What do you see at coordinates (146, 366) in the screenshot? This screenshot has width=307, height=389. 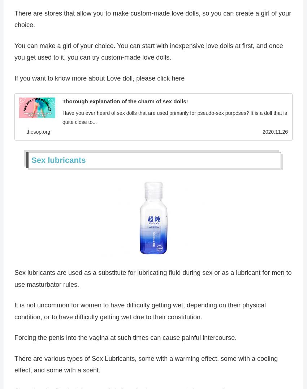 I see `'There are various types of Sex Lubricants, some with a warming effect, some with a cooling effect, and some with a scent.'` at bounding box center [146, 366].